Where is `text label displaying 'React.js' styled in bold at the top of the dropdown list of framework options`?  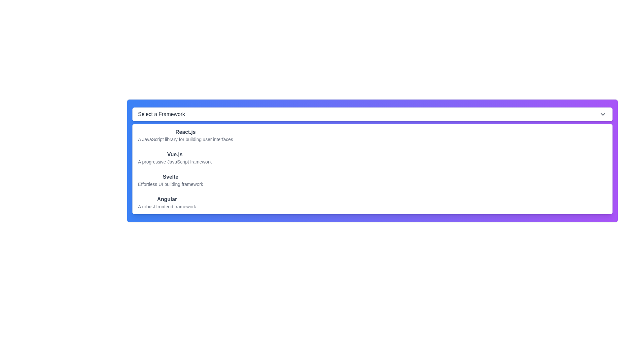 text label displaying 'React.js' styled in bold at the top of the dropdown list of framework options is located at coordinates (185, 132).